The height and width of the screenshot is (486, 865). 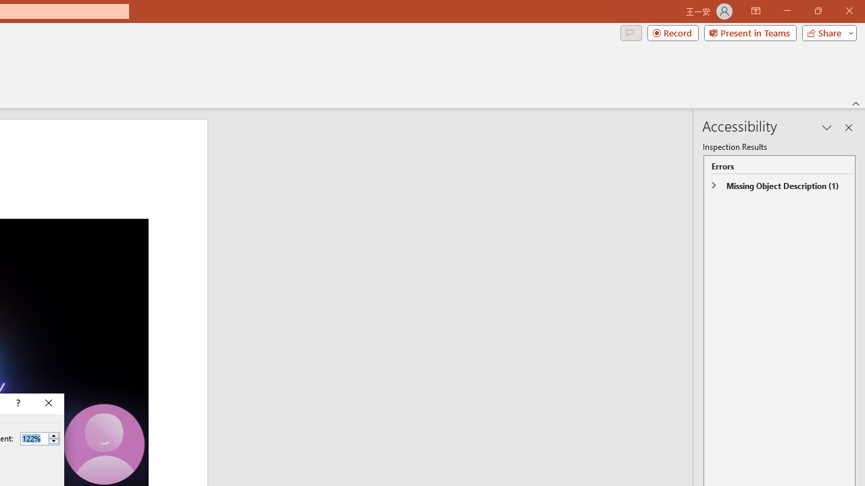 I want to click on 'Percent', so click(x=34, y=438).